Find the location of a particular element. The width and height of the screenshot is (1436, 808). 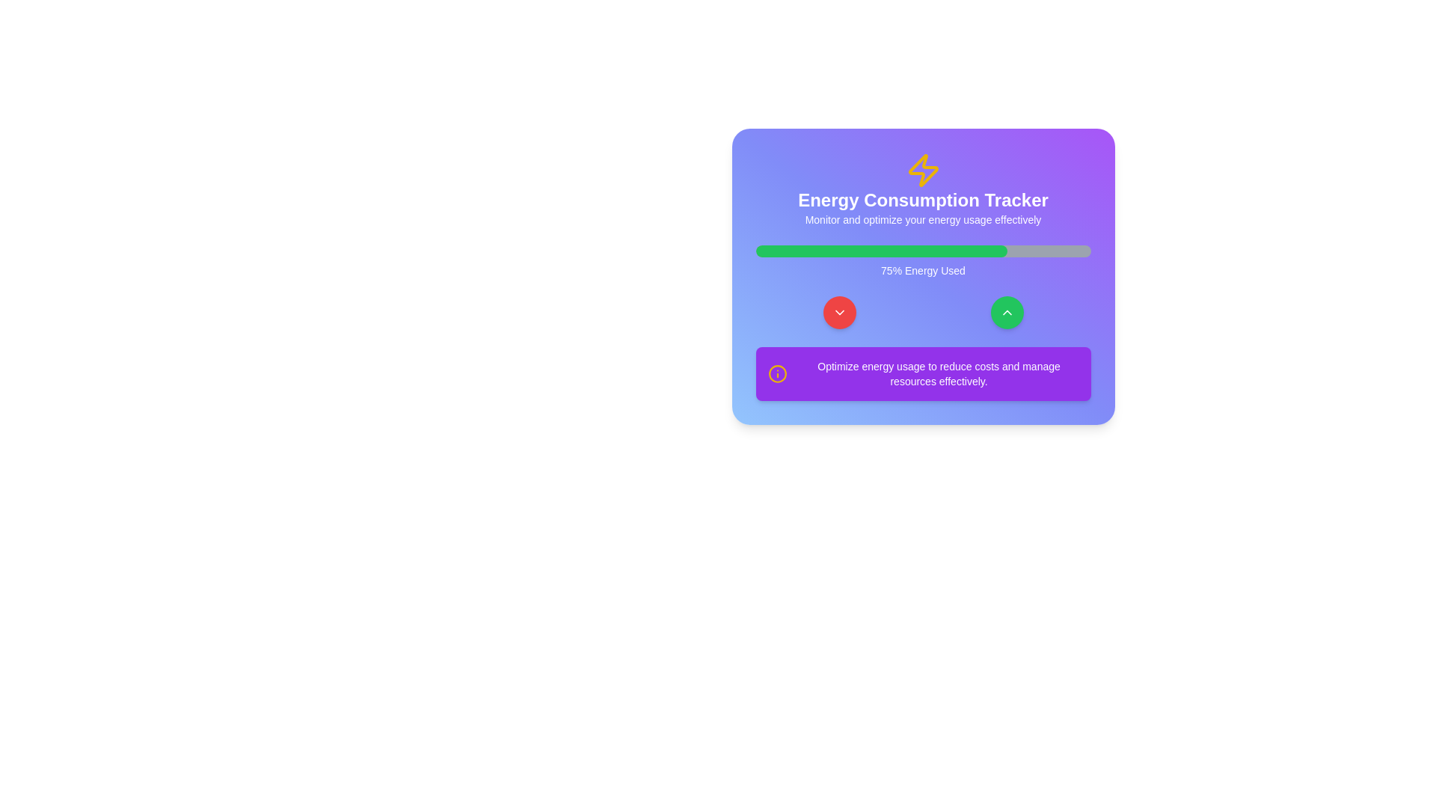

the static text that describes the purpose of the Energy Consumption Tracker, located below the title and above the green progress bar is located at coordinates (922, 219).